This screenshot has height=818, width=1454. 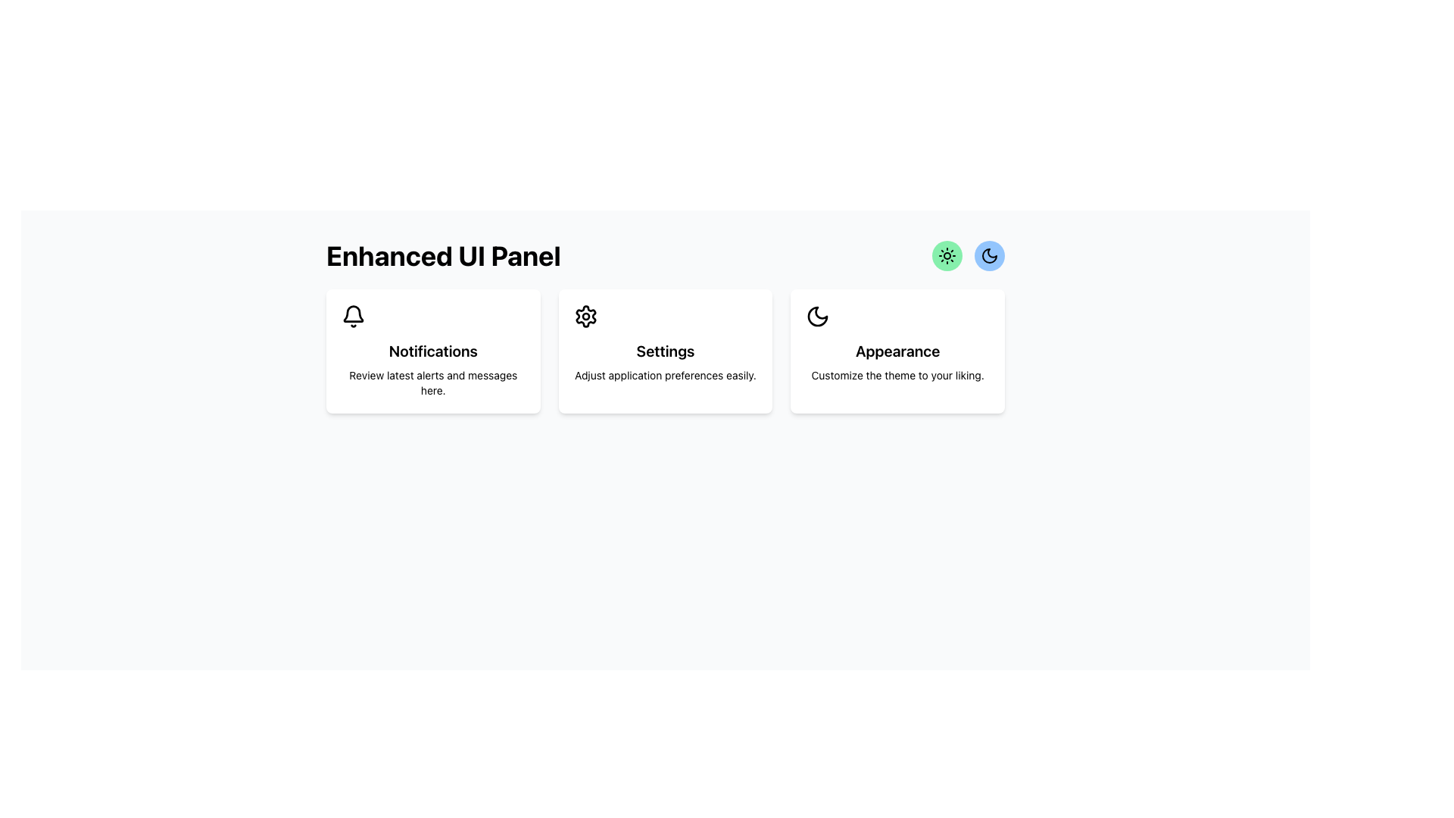 What do you see at coordinates (989, 255) in the screenshot?
I see `the crescent moon icon within the circular 'Dark Mode' button` at bounding box center [989, 255].